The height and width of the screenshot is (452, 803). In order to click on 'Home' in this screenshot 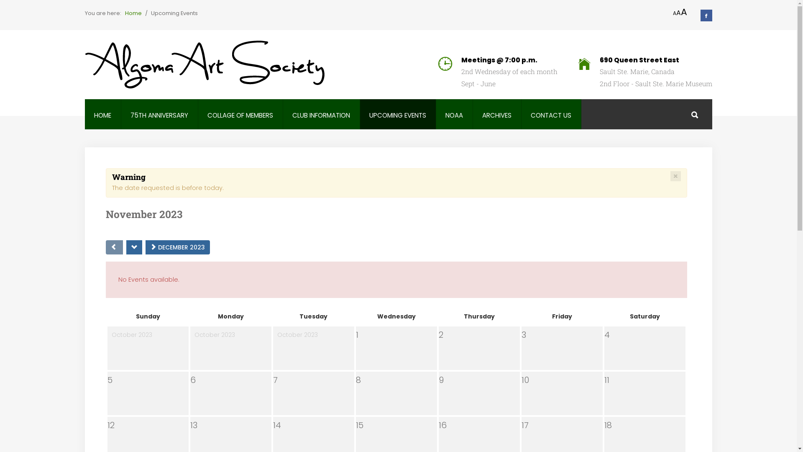, I will do `click(132, 13)`.